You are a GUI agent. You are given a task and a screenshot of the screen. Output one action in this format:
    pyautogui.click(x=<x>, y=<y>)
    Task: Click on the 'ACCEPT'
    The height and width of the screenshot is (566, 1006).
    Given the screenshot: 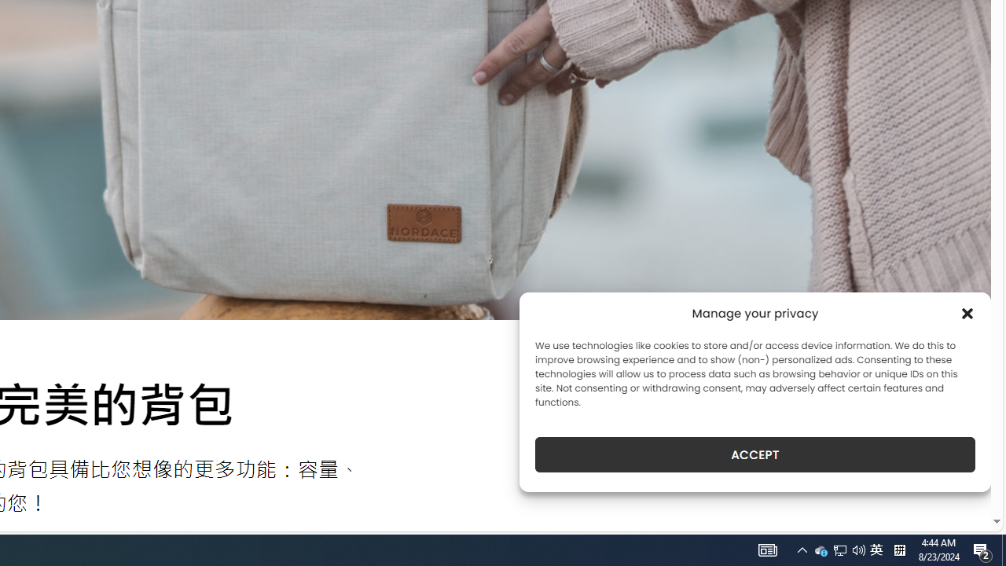 What is the action you would take?
    pyautogui.click(x=755, y=454)
    